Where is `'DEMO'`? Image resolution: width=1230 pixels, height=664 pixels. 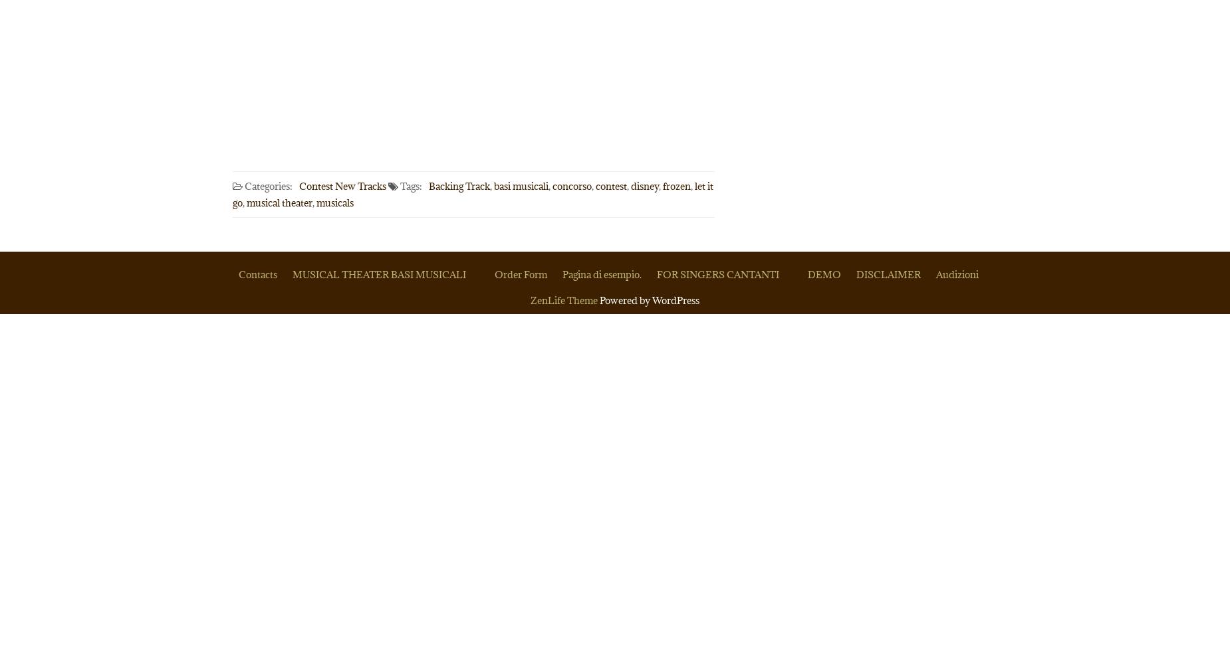 'DEMO' is located at coordinates (806, 274).